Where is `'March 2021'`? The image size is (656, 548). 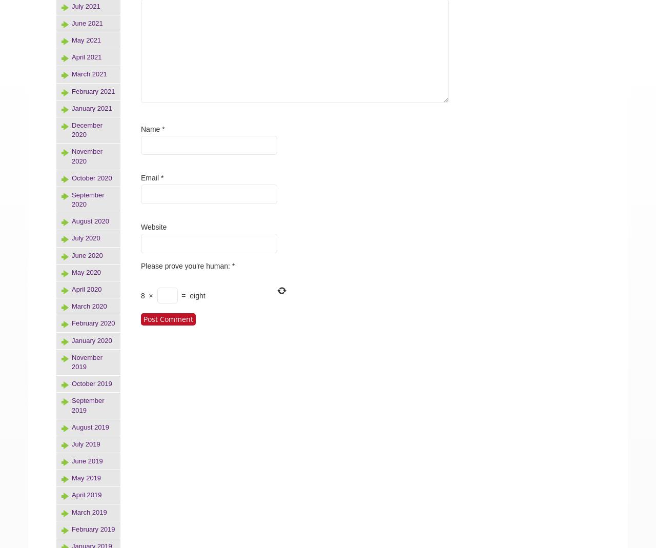
'March 2021' is located at coordinates (89, 74).